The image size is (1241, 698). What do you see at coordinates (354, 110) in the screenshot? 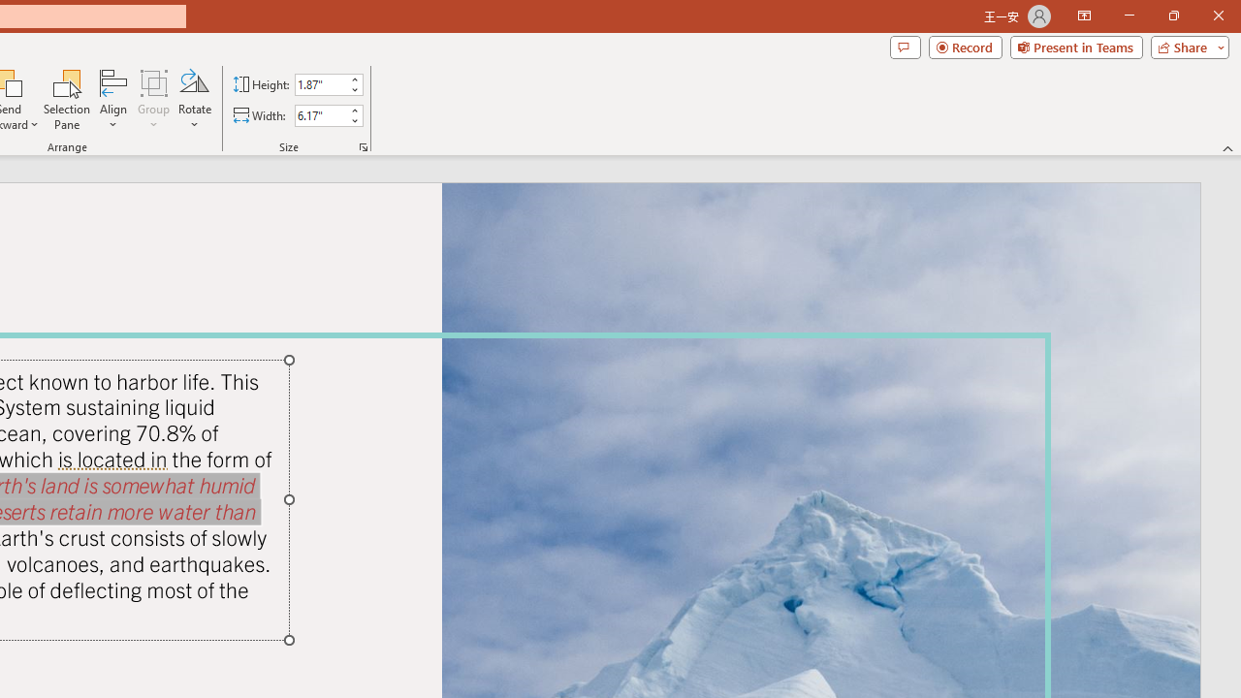
I see `'More'` at bounding box center [354, 110].